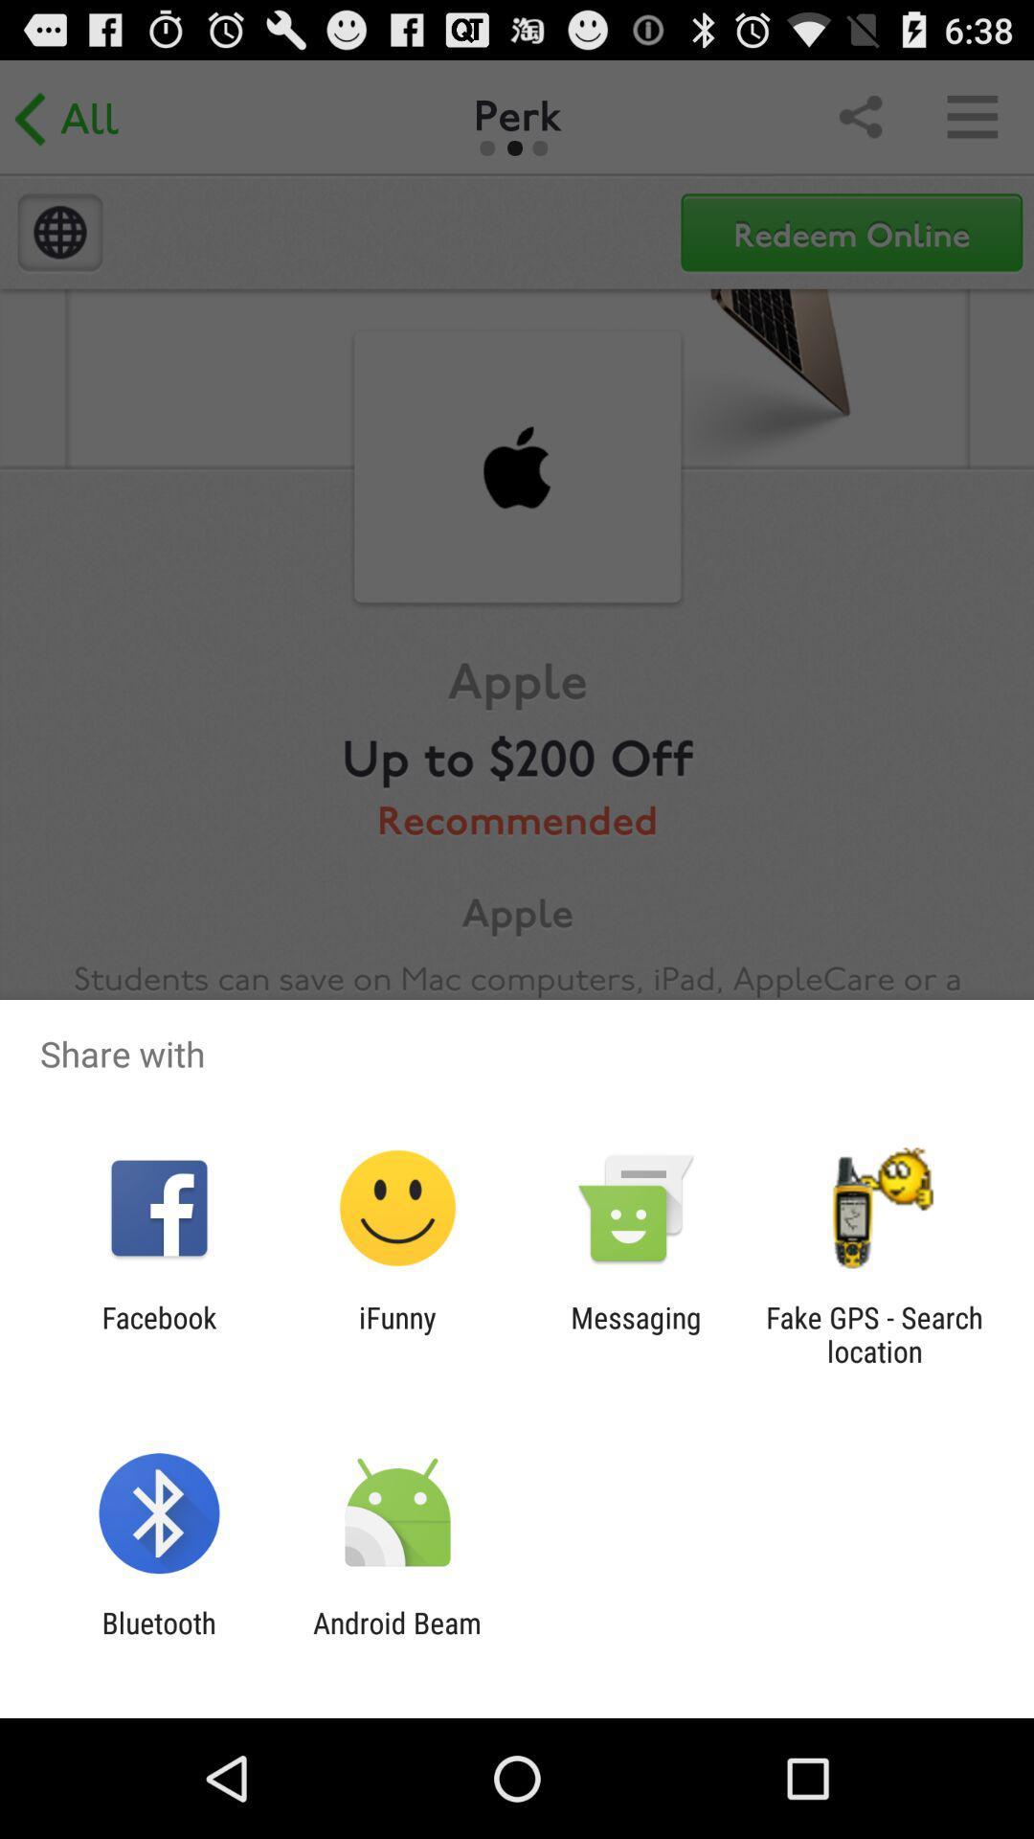  I want to click on icon next to messaging item, so click(396, 1333).